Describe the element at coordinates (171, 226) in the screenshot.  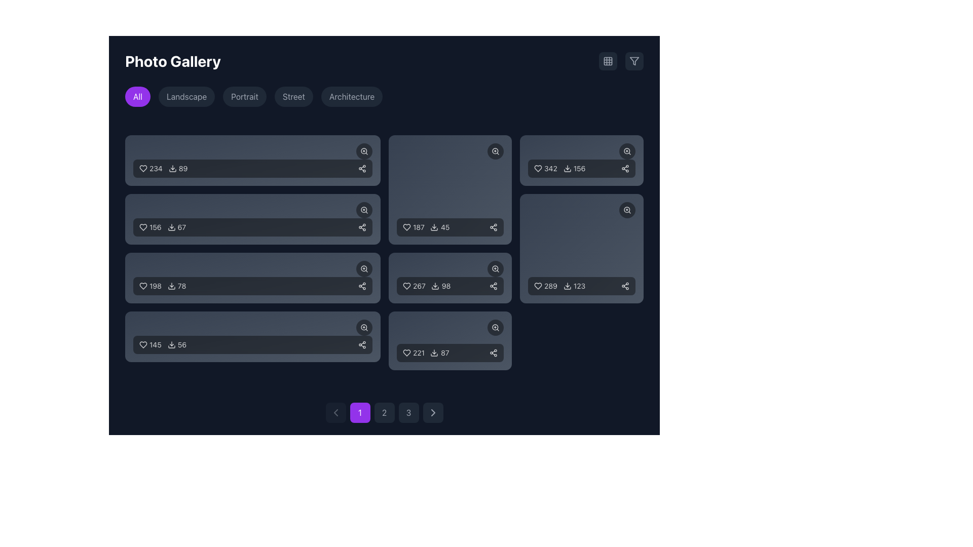
I see `the download icon located within the second card of the gallery layout, positioned to the right of the heart icon and just before the text block displaying '67'` at that location.